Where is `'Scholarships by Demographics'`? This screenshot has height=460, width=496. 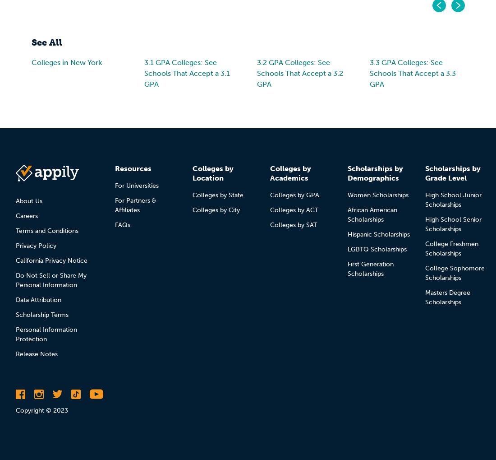 'Scholarships by Demographics' is located at coordinates (375, 172).